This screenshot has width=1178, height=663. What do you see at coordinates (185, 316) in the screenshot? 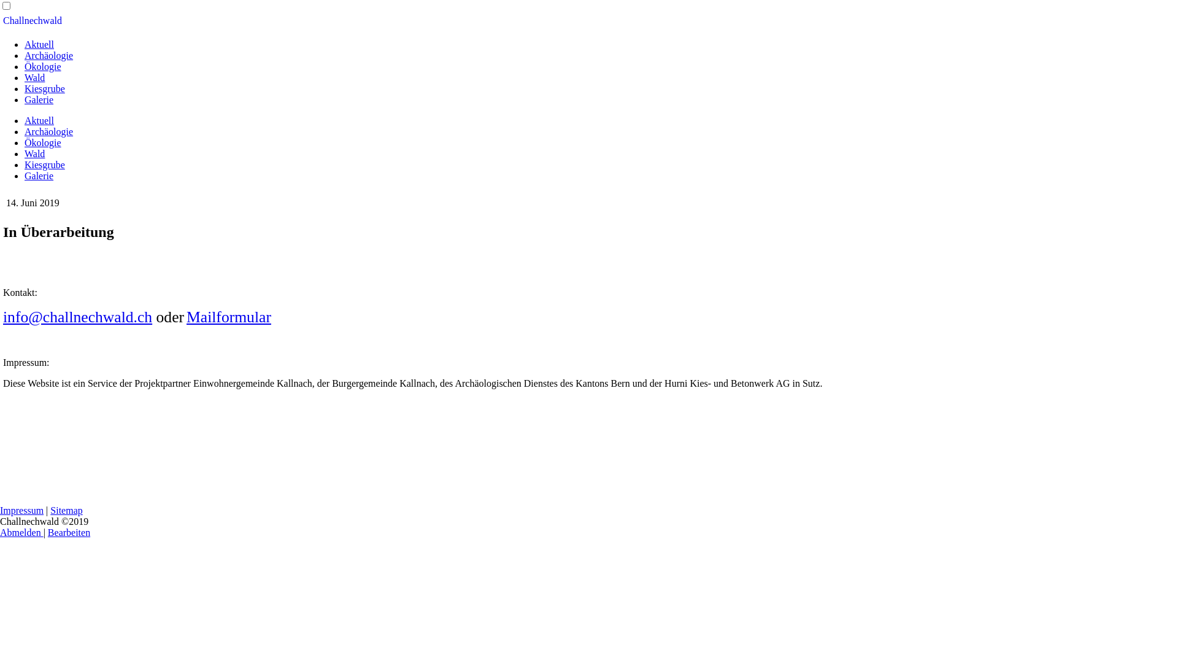
I see `'Mailformular'` at bounding box center [185, 316].